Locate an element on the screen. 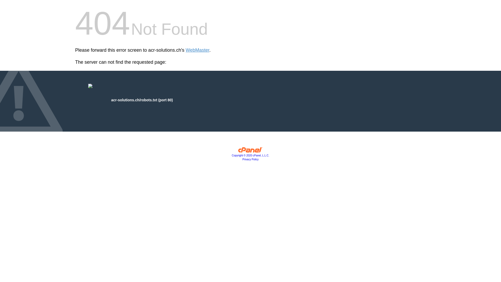 This screenshot has height=282, width=501. 'cPanel, Inc.' is located at coordinates (250, 151).